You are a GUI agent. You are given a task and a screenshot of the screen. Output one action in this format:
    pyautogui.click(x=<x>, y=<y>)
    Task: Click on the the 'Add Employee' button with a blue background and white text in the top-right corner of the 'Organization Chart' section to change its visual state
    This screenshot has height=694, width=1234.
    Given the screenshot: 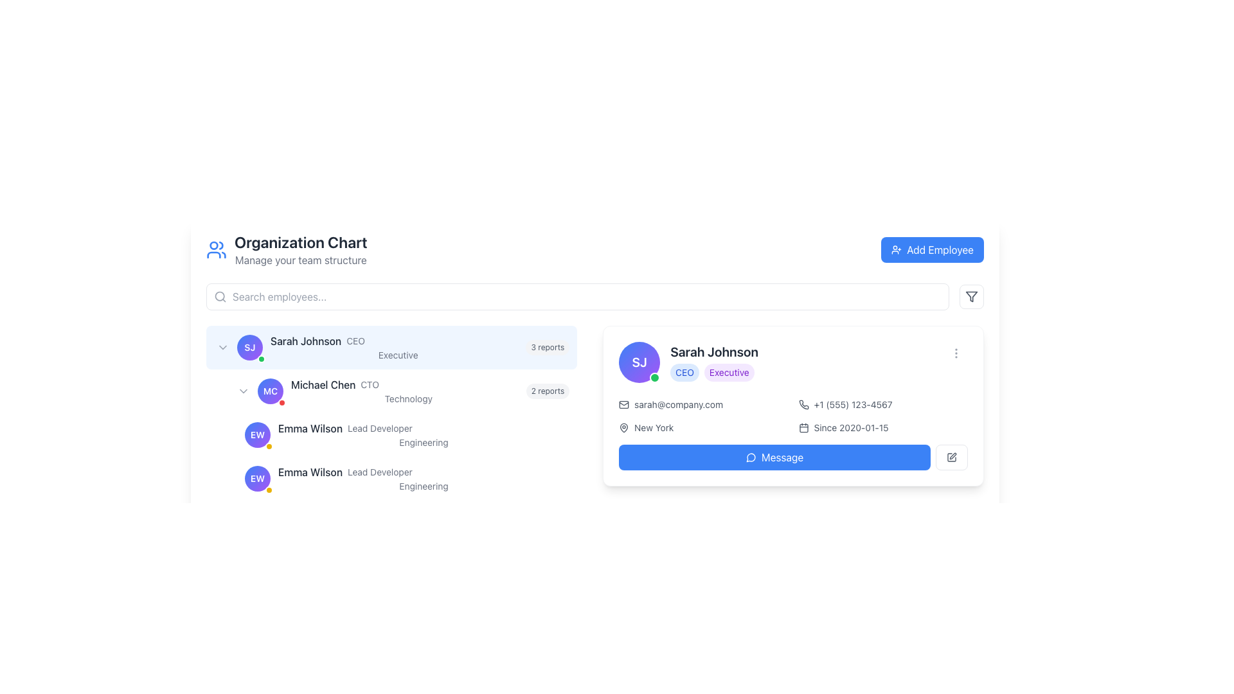 What is the action you would take?
    pyautogui.click(x=933, y=250)
    